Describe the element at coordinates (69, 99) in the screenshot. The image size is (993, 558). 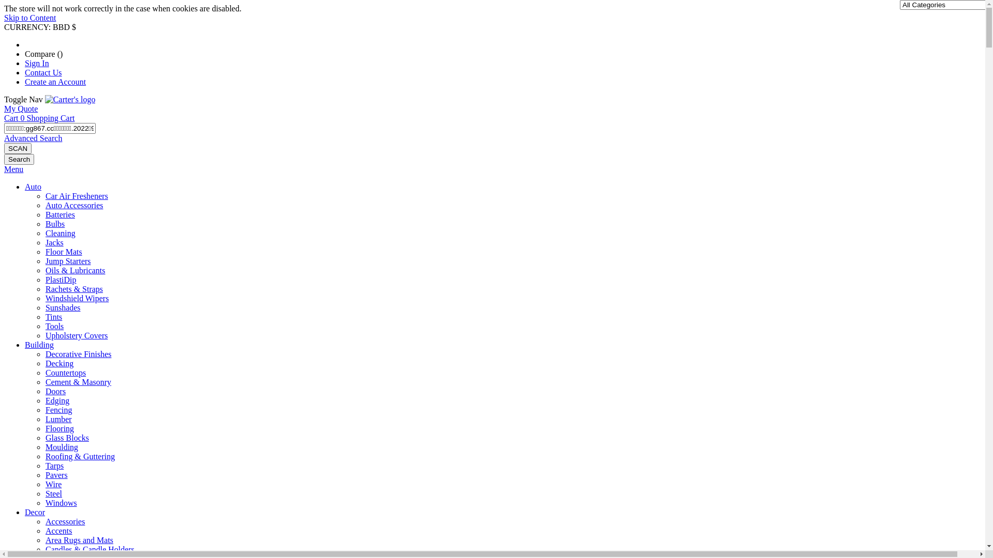
I see `'Carter's logo'` at that location.